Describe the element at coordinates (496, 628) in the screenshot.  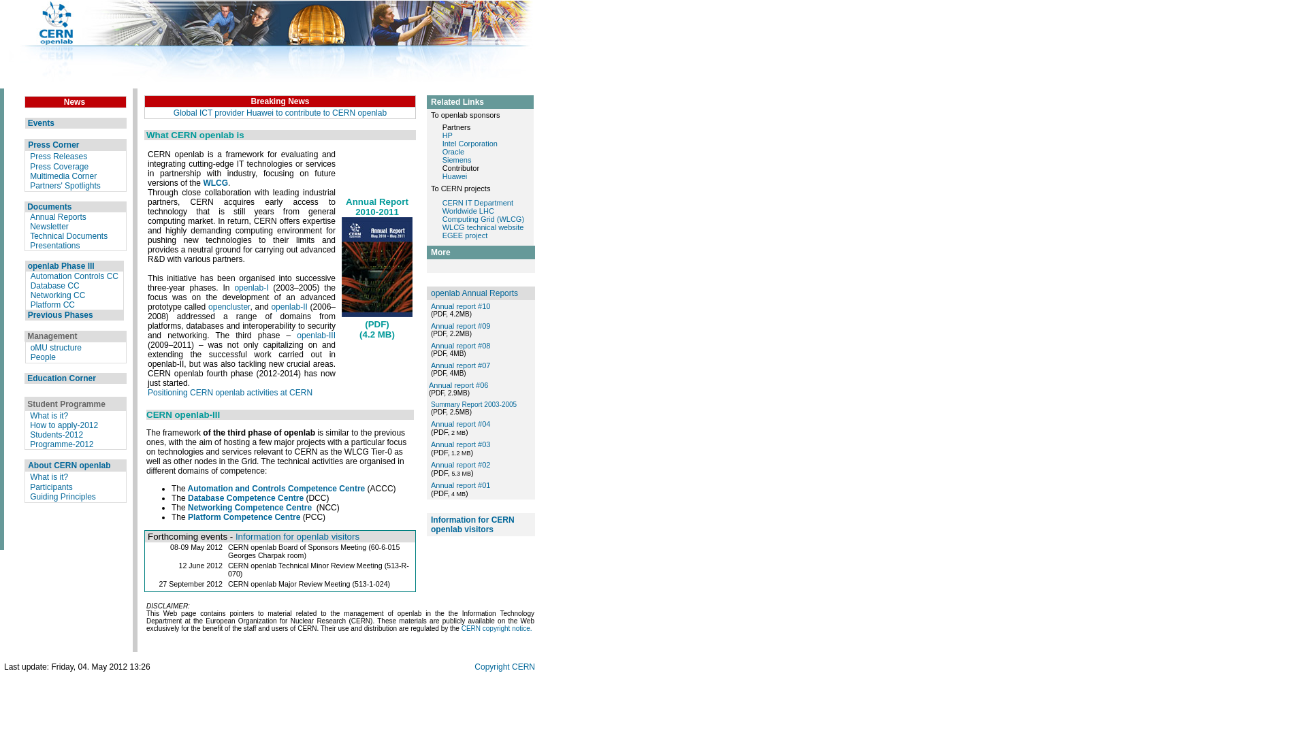
I see `'CERN copyright notice.'` at that location.